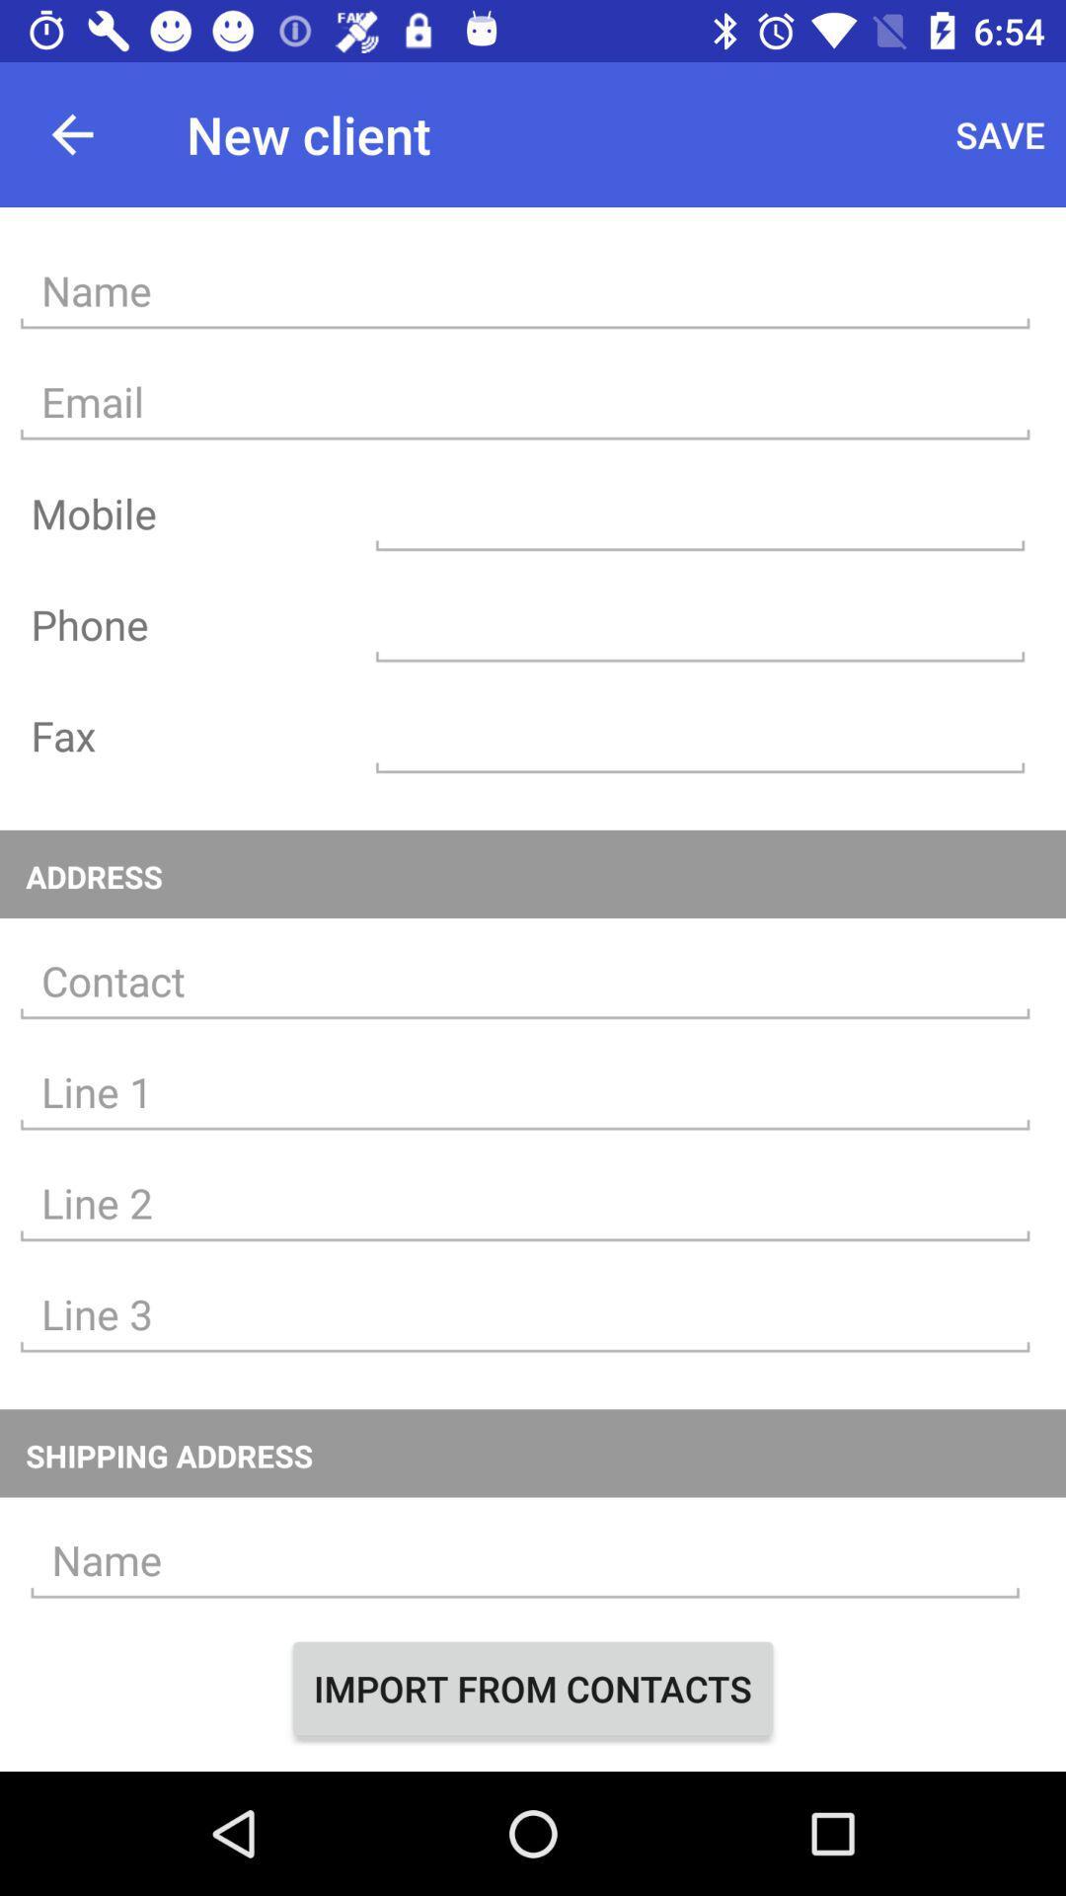 The height and width of the screenshot is (1896, 1066). Describe the element at coordinates (699, 735) in the screenshot. I see `fax number` at that location.